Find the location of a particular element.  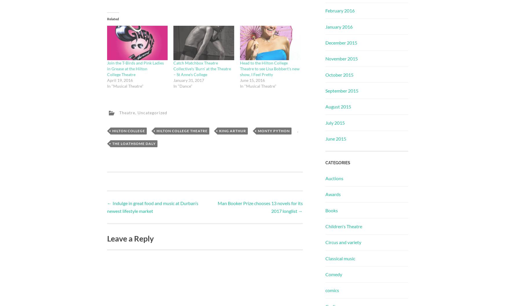

'Theatre' is located at coordinates (118, 112).